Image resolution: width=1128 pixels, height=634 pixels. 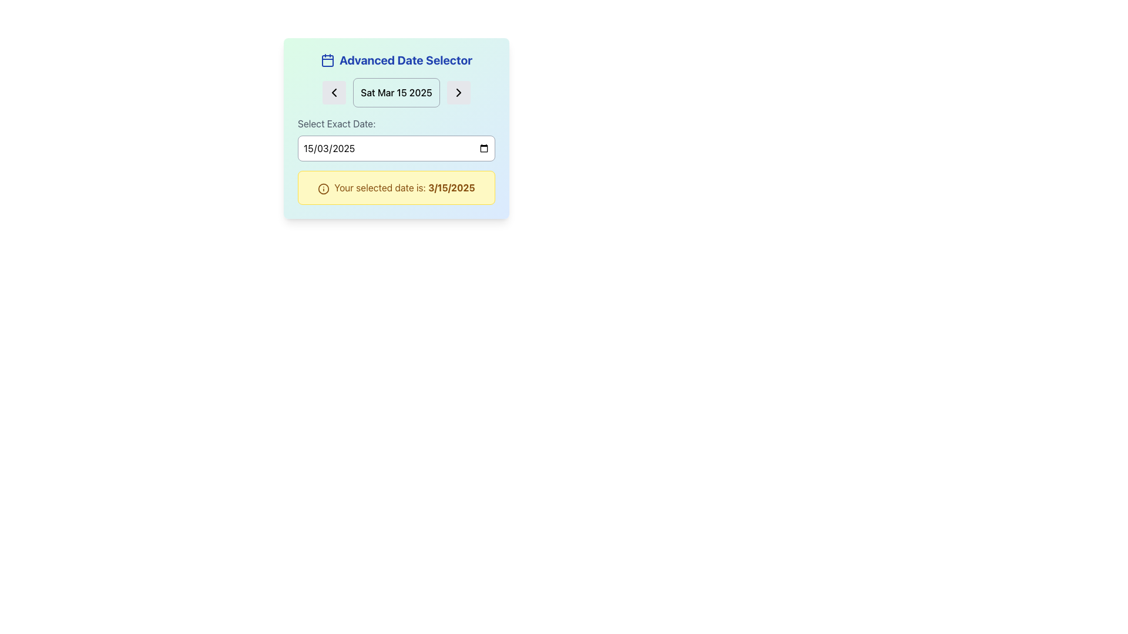 I want to click on text displayed in the notification text block located under the 'Select Exact Date' section of the date selector interface, so click(x=397, y=187).